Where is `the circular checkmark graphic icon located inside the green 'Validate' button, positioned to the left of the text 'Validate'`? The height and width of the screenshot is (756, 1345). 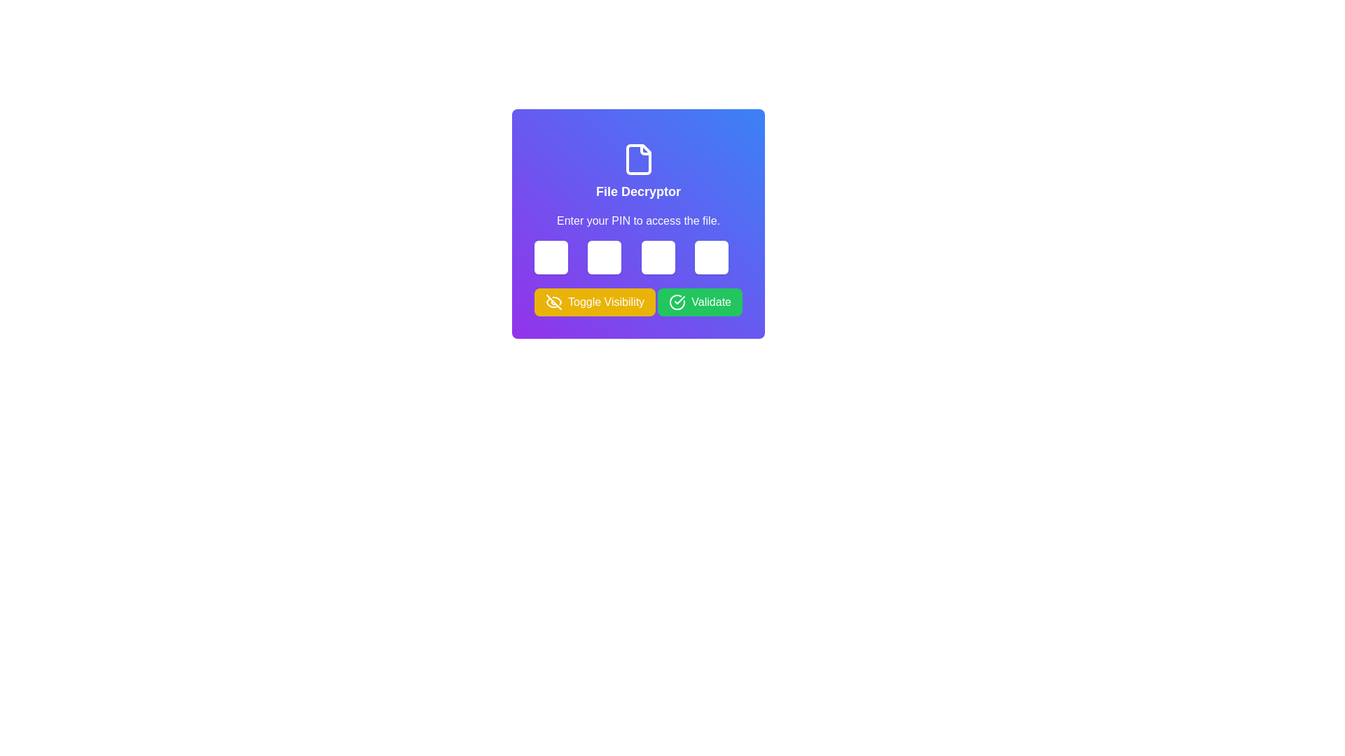
the circular checkmark graphic icon located inside the green 'Validate' button, positioned to the left of the text 'Validate' is located at coordinates (677, 302).